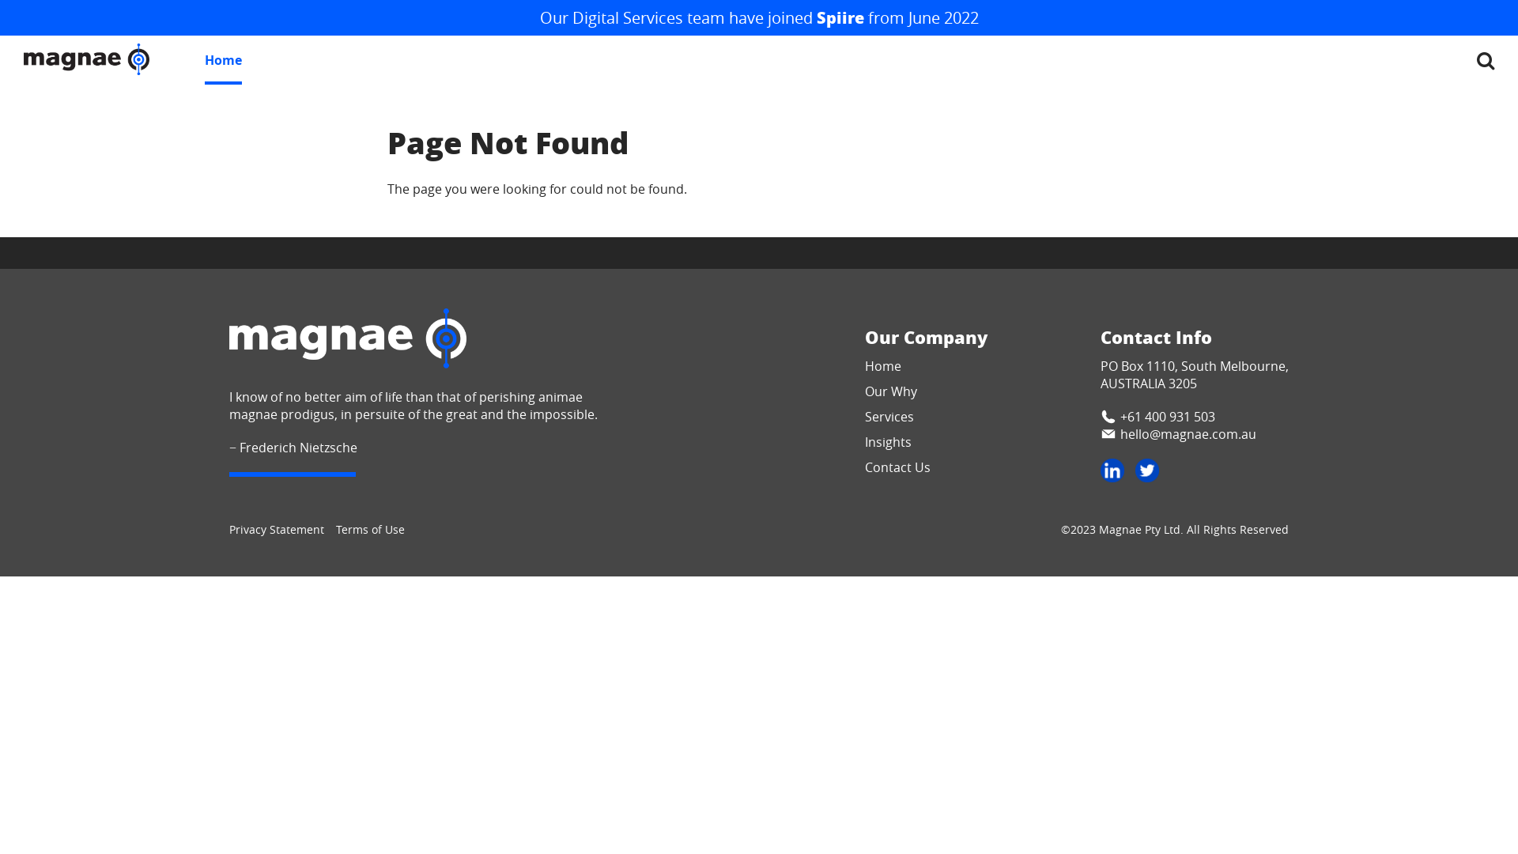 The height and width of the screenshot is (854, 1518). Describe the element at coordinates (889, 416) in the screenshot. I see `'Services'` at that location.